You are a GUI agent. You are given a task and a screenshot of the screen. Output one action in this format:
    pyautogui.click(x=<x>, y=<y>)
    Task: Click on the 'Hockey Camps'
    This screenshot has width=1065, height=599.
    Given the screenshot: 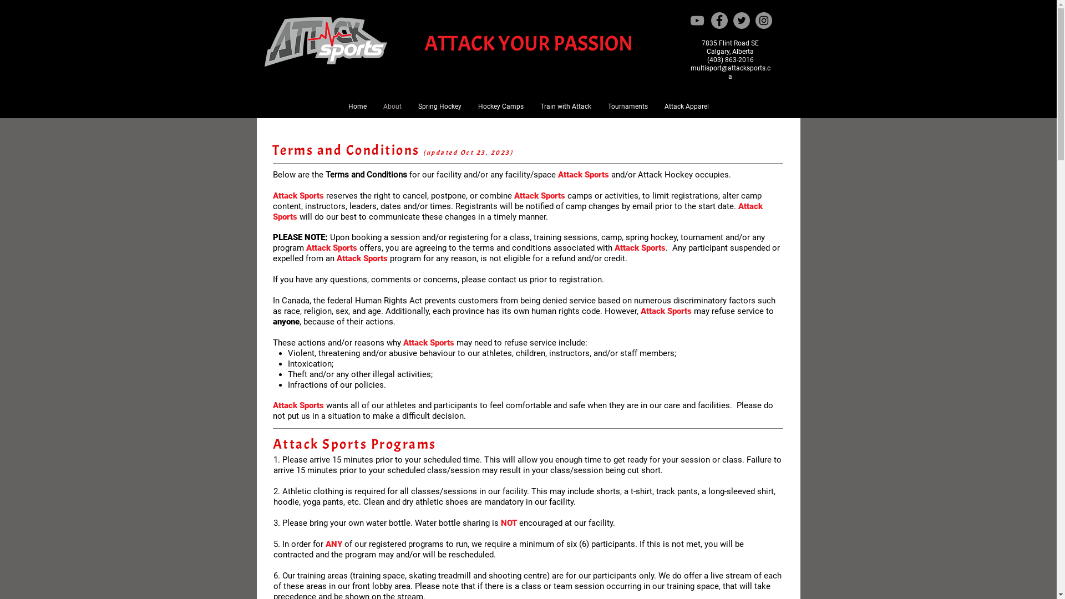 What is the action you would take?
    pyautogui.click(x=469, y=106)
    